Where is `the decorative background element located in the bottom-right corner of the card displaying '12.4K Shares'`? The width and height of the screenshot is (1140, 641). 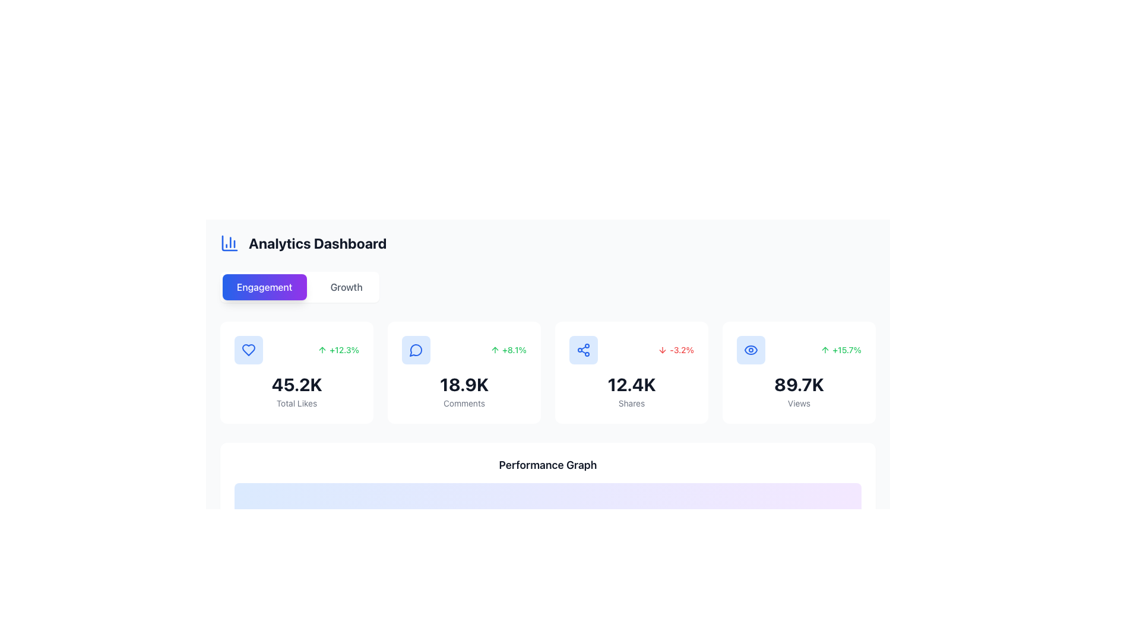 the decorative background element located in the bottom-right corner of the card displaying '12.4K Shares' is located at coordinates (689, 404).